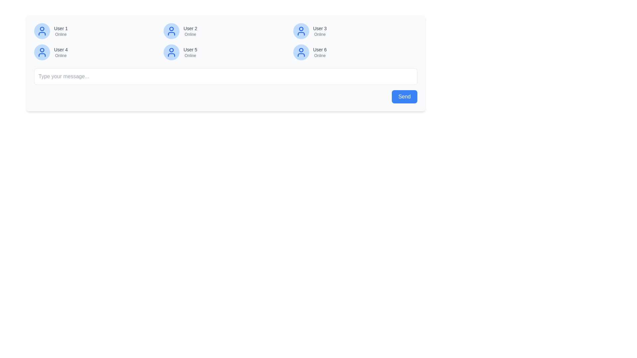  Describe the element at coordinates (61, 34) in the screenshot. I see `the text label displaying 'Online', which is located beneath 'User 1' in the leftmost column of the grid layout` at that location.